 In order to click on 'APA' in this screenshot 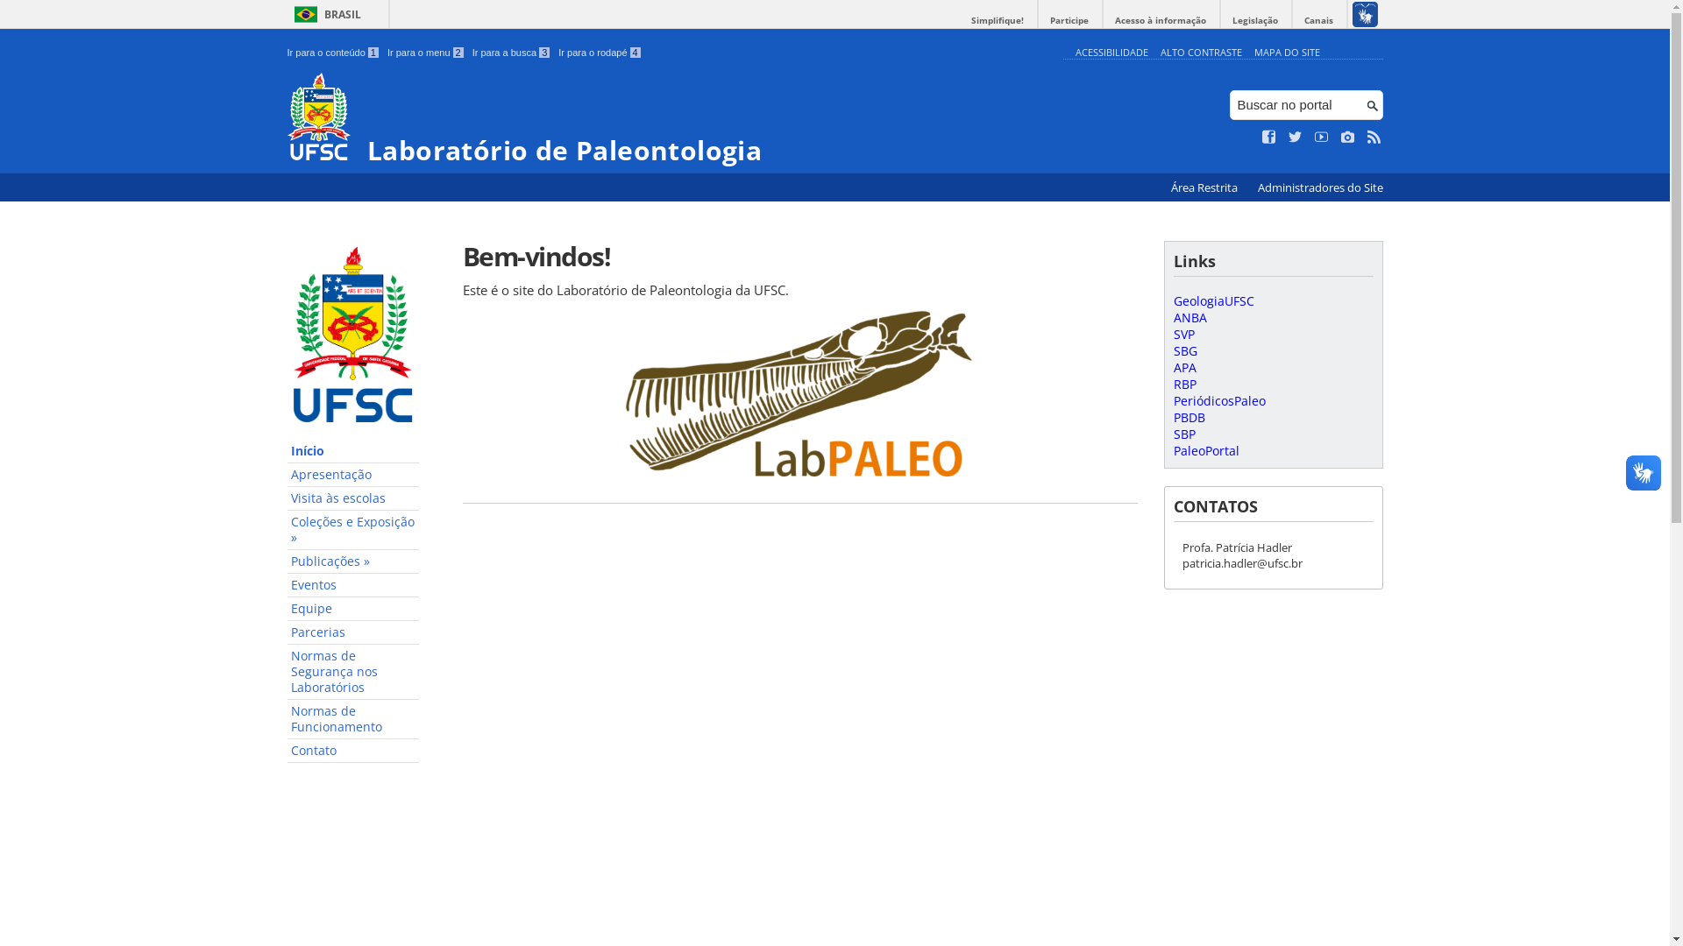, I will do `click(1173, 366)`.